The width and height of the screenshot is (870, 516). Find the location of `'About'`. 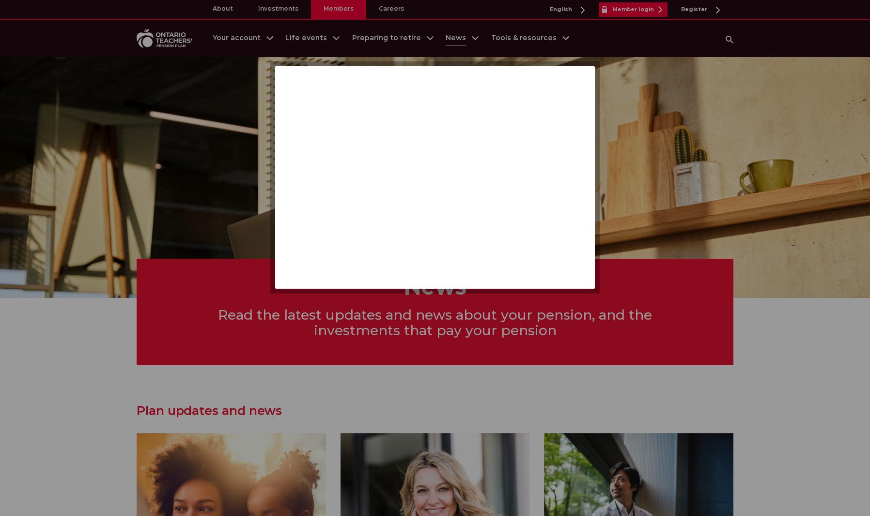

'About' is located at coordinates (212, 8).